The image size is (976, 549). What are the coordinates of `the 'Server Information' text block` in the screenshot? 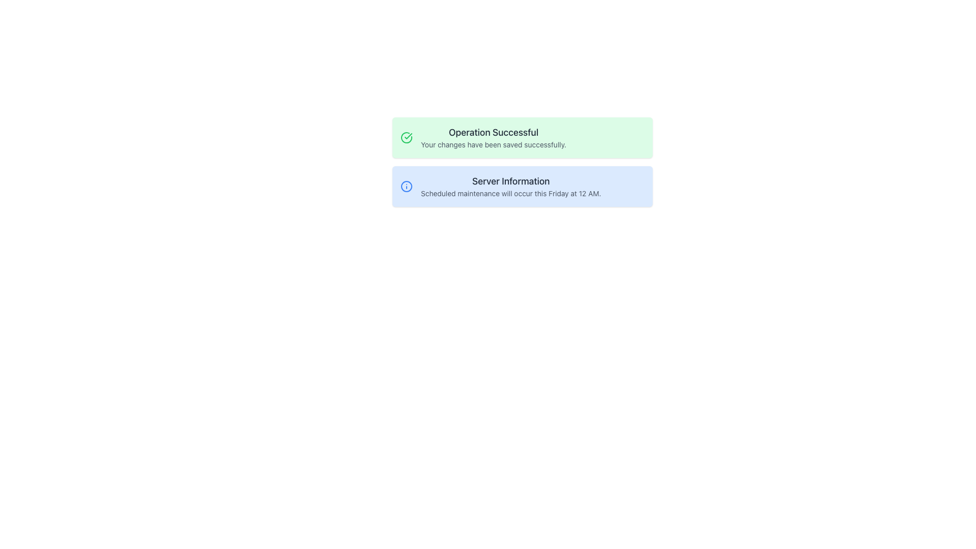 It's located at (511, 186).